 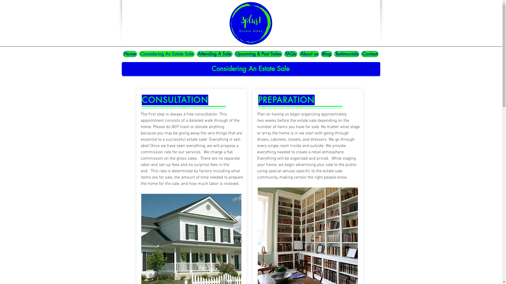 What do you see at coordinates (290, 54) in the screenshot?
I see `'FAQs'` at bounding box center [290, 54].